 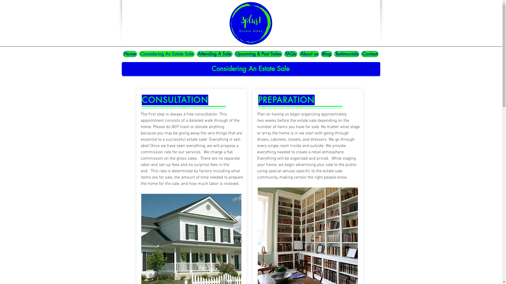 What do you see at coordinates (290, 54) in the screenshot?
I see `'FAQs'` at bounding box center [290, 54].